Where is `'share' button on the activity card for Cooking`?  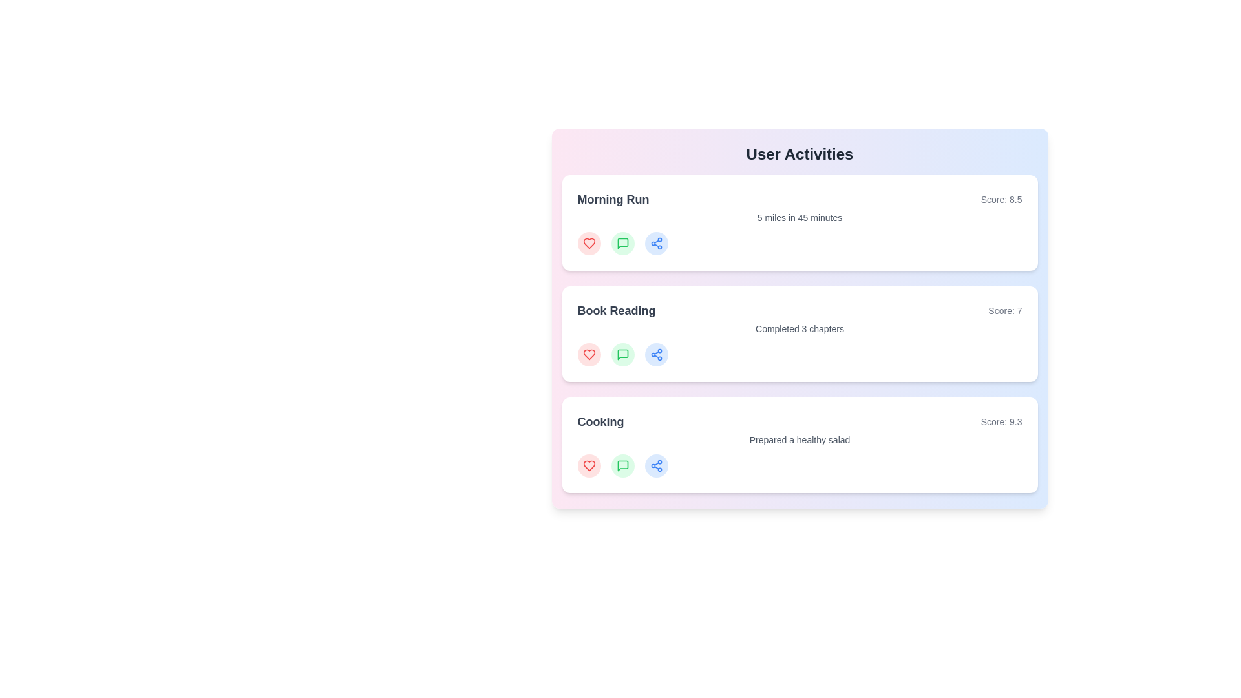
'share' button on the activity card for Cooking is located at coordinates (656, 466).